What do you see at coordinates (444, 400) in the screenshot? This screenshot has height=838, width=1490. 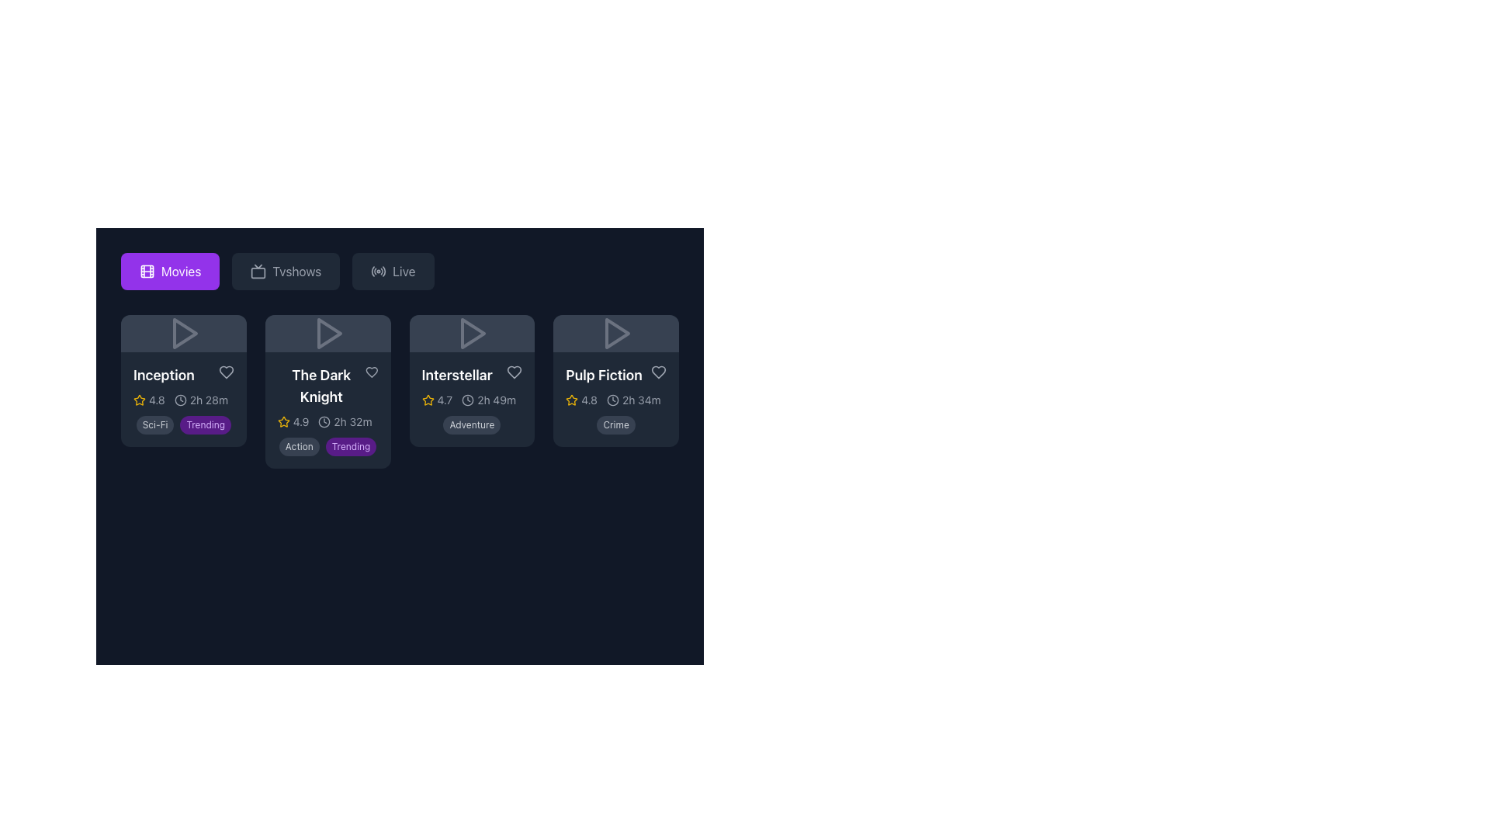 I see `text value displayed in the lower-left section of the 'Interstellar' movie card, which shows a rating of '4.7'` at bounding box center [444, 400].